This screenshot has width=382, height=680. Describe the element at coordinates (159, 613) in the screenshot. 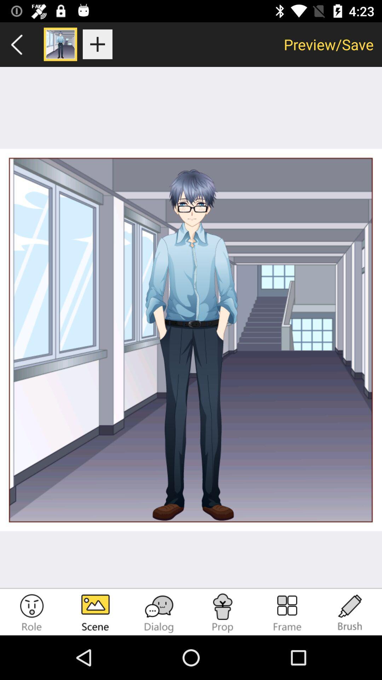

I see `the chat icon` at that location.